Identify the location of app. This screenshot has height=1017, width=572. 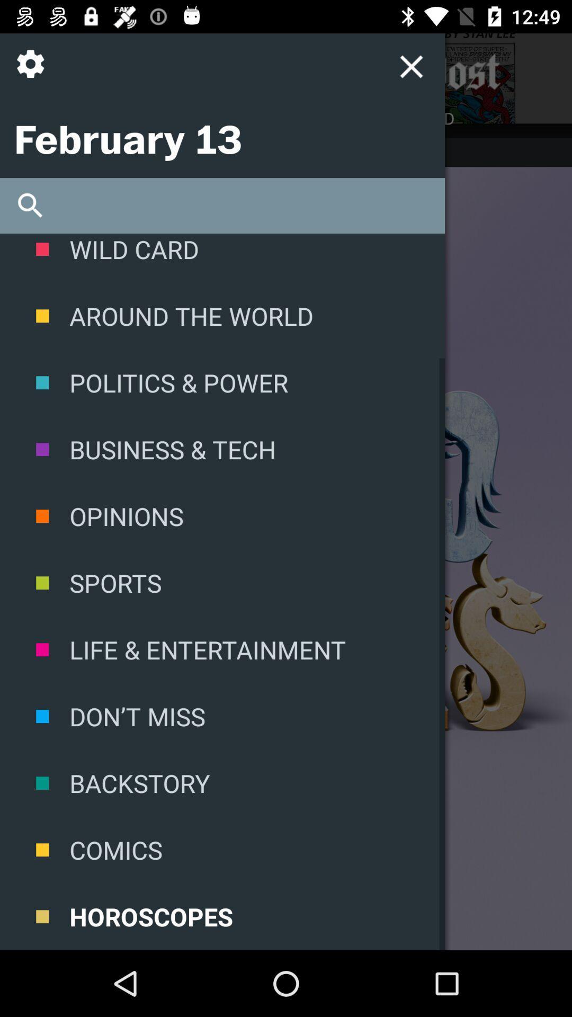
(309, 72).